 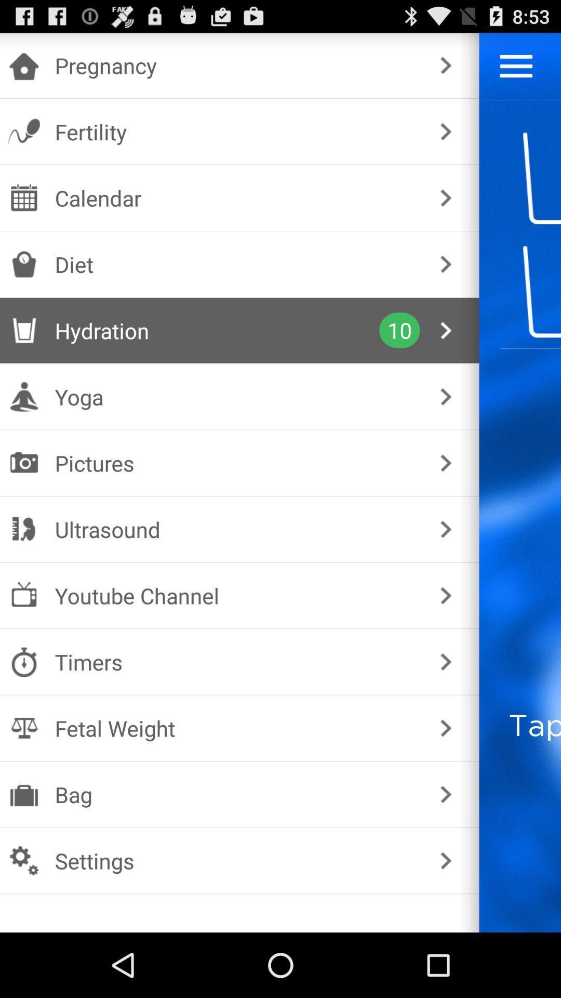 What do you see at coordinates (237, 861) in the screenshot?
I see `the item below bag icon` at bounding box center [237, 861].